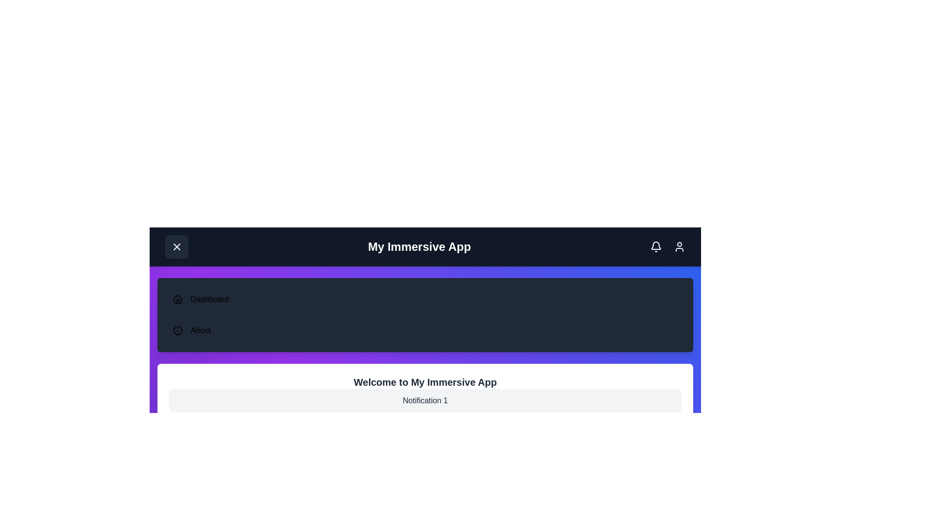 The width and height of the screenshot is (936, 526). I want to click on menu toggle button to expand or collapse the menu, so click(177, 246).